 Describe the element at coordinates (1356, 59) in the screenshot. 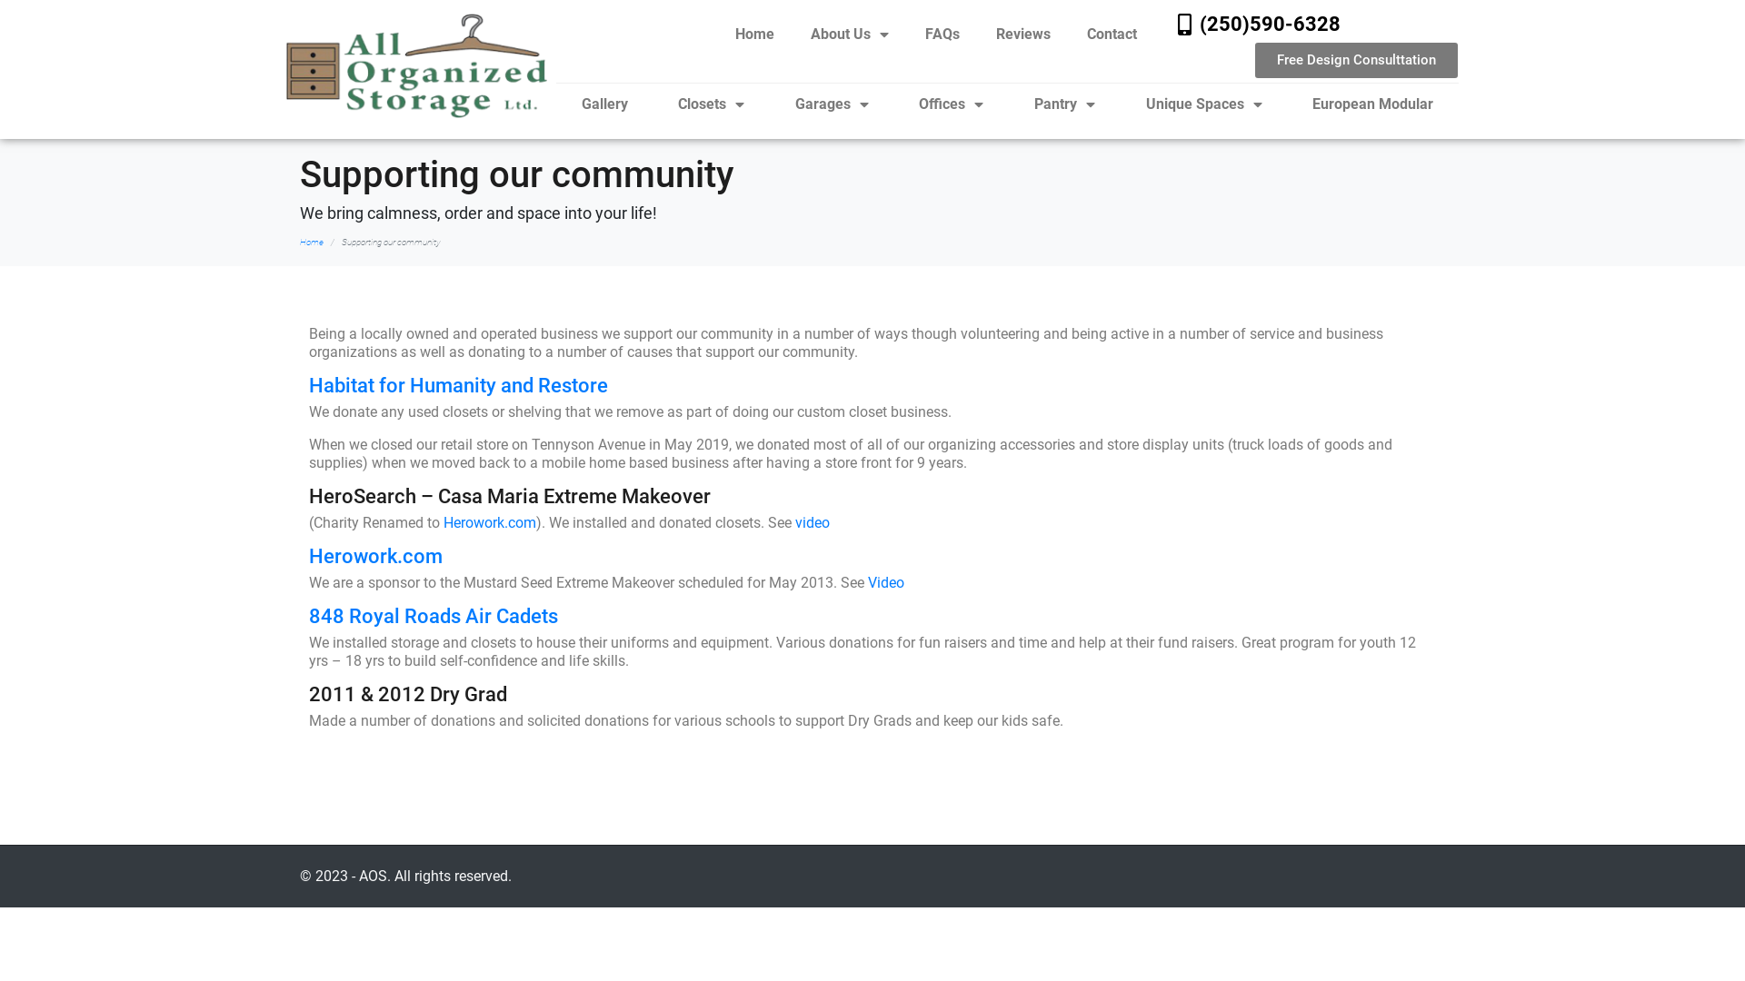

I see `'Free Design Consulttation'` at that location.